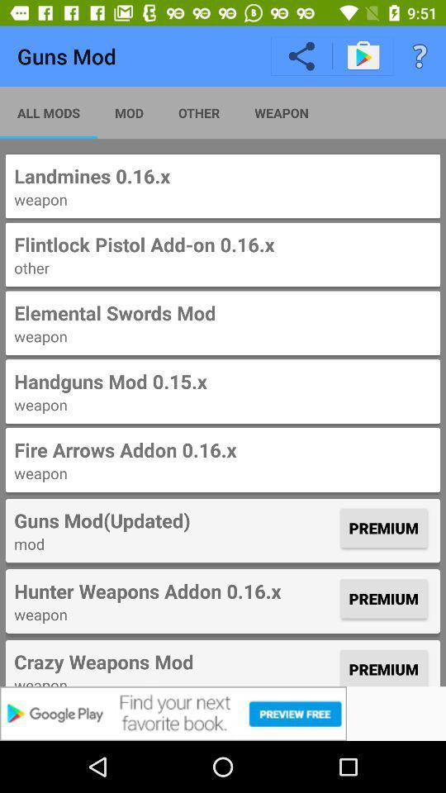 The height and width of the screenshot is (793, 446). Describe the element at coordinates (223, 322) in the screenshot. I see `the elemental swords mod` at that location.